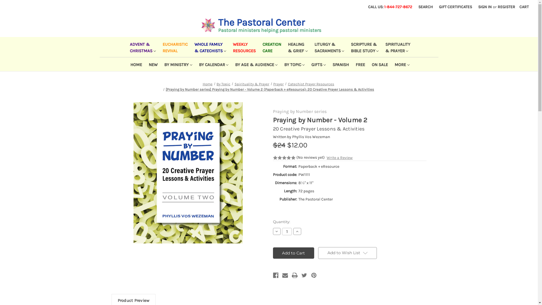 The image size is (542, 305). What do you see at coordinates (255, 64) in the screenshot?
I see `'BY AGE & AUDIENCE'` at bounding box center [255, 64].